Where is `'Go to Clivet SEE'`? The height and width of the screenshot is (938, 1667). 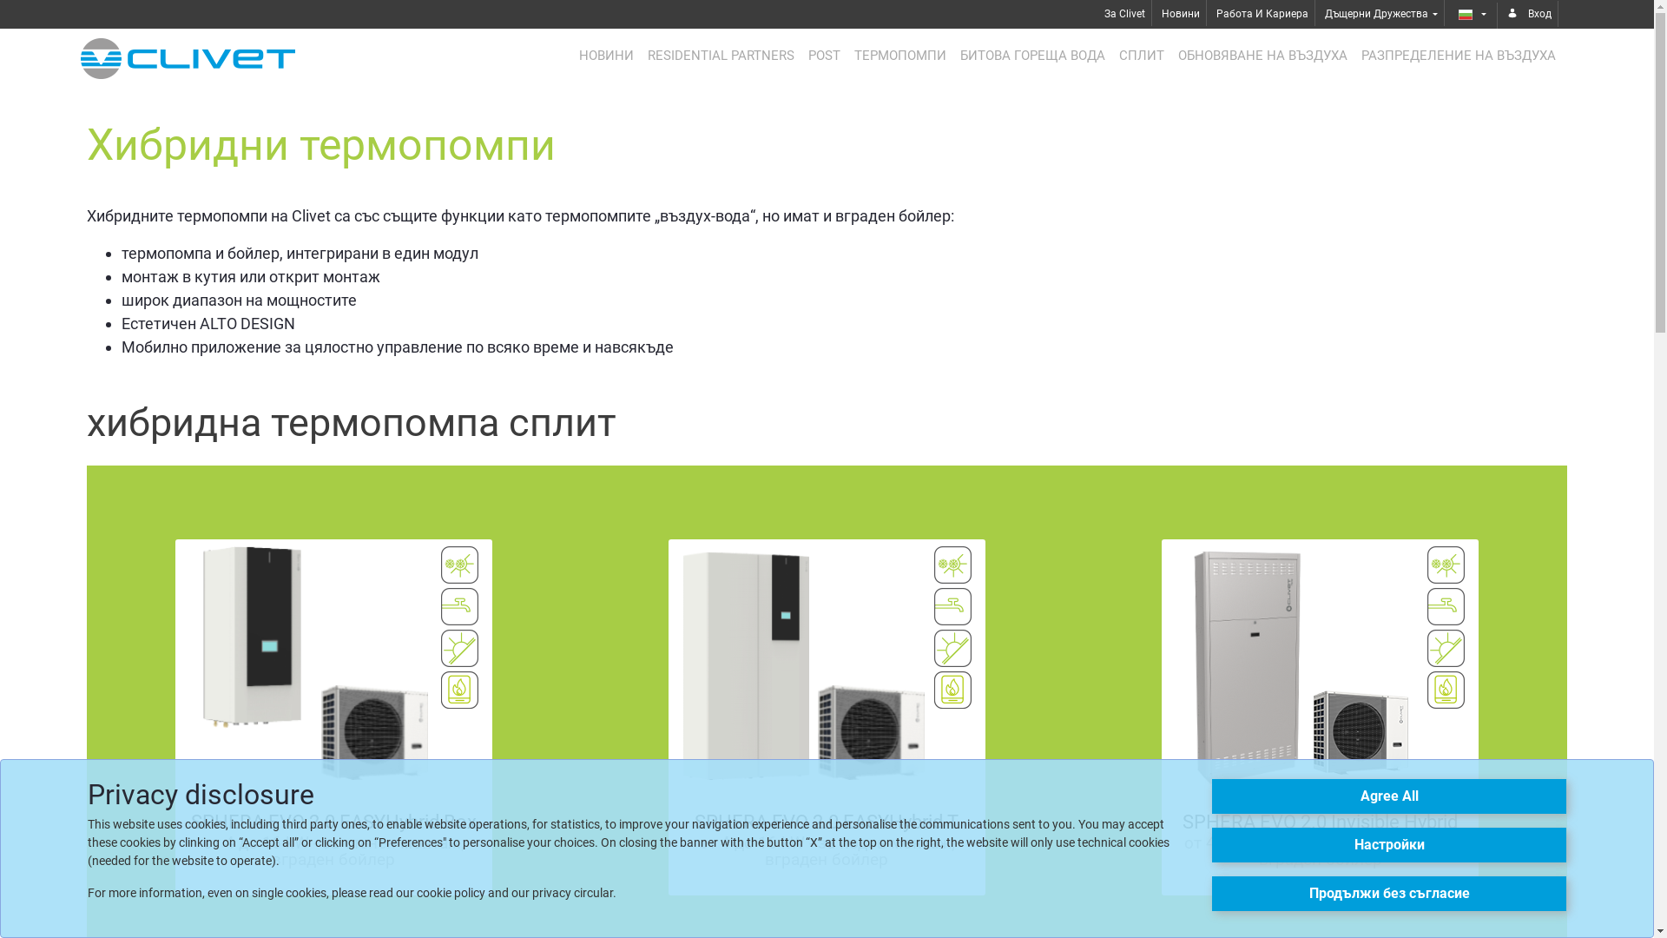 'Go to Clivet SEE' is located at coordinates (188, 57).